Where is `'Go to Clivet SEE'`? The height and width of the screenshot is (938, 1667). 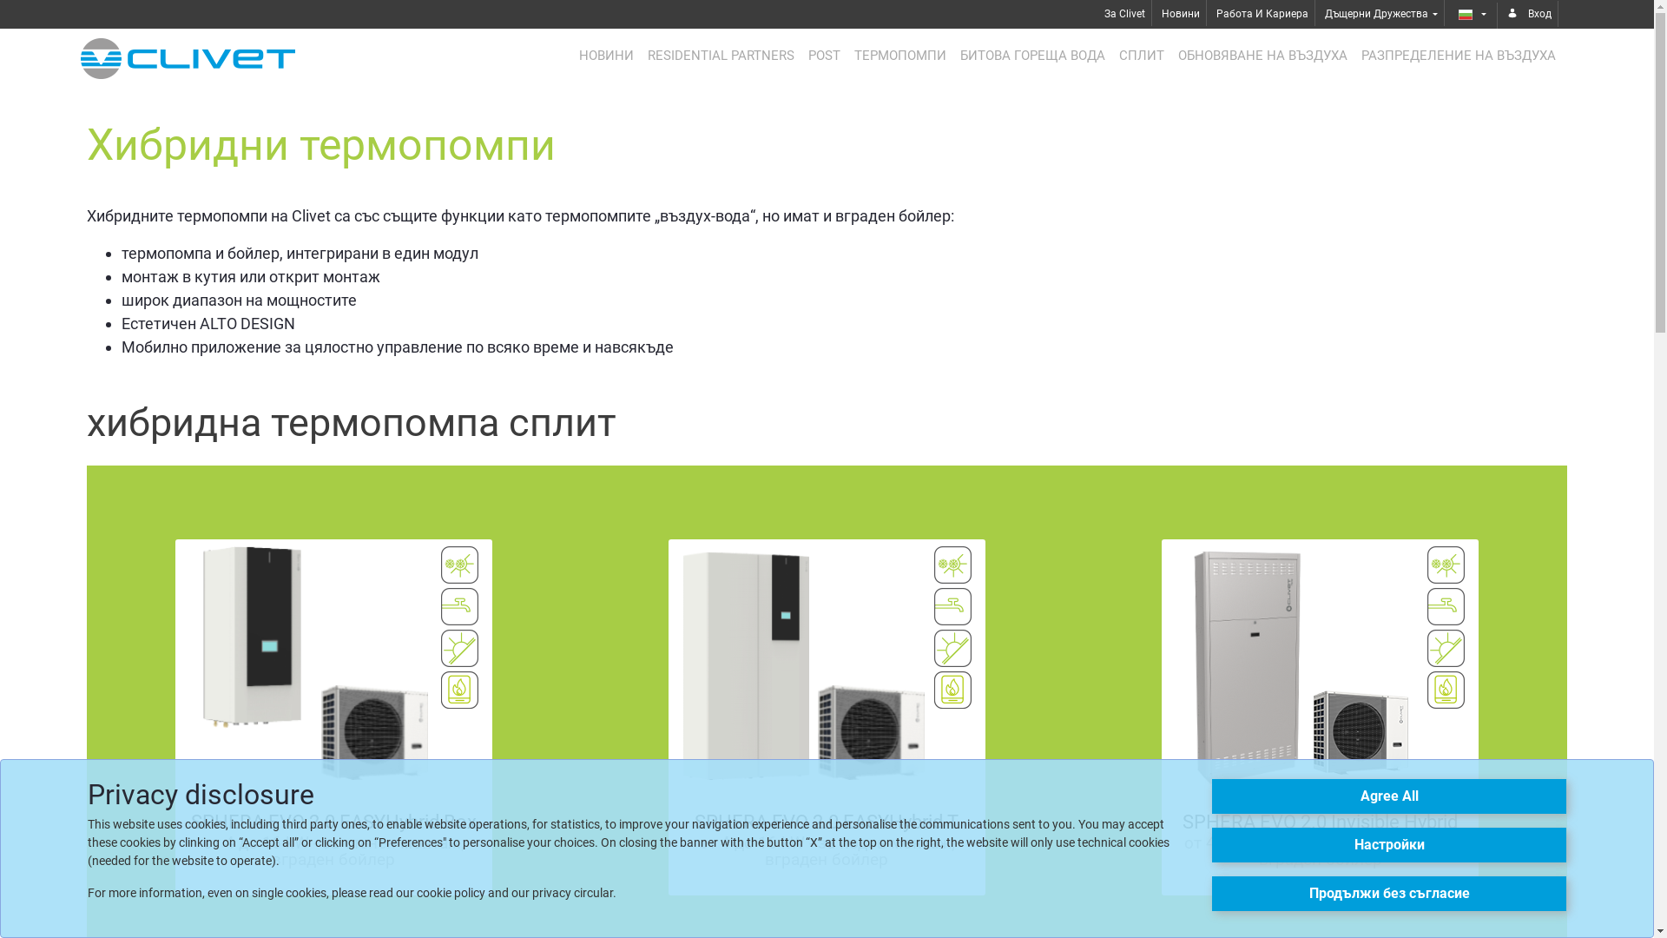 'Go to Clivet SEE' is located at coordinates (188, 57).